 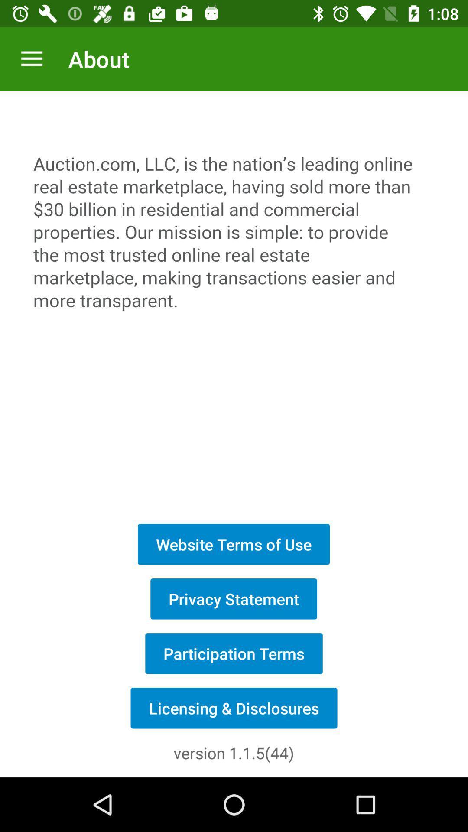 What do you see at coordinates (234, 302) in the screenshot?
I see `write text` at bounding box center [234, 302].